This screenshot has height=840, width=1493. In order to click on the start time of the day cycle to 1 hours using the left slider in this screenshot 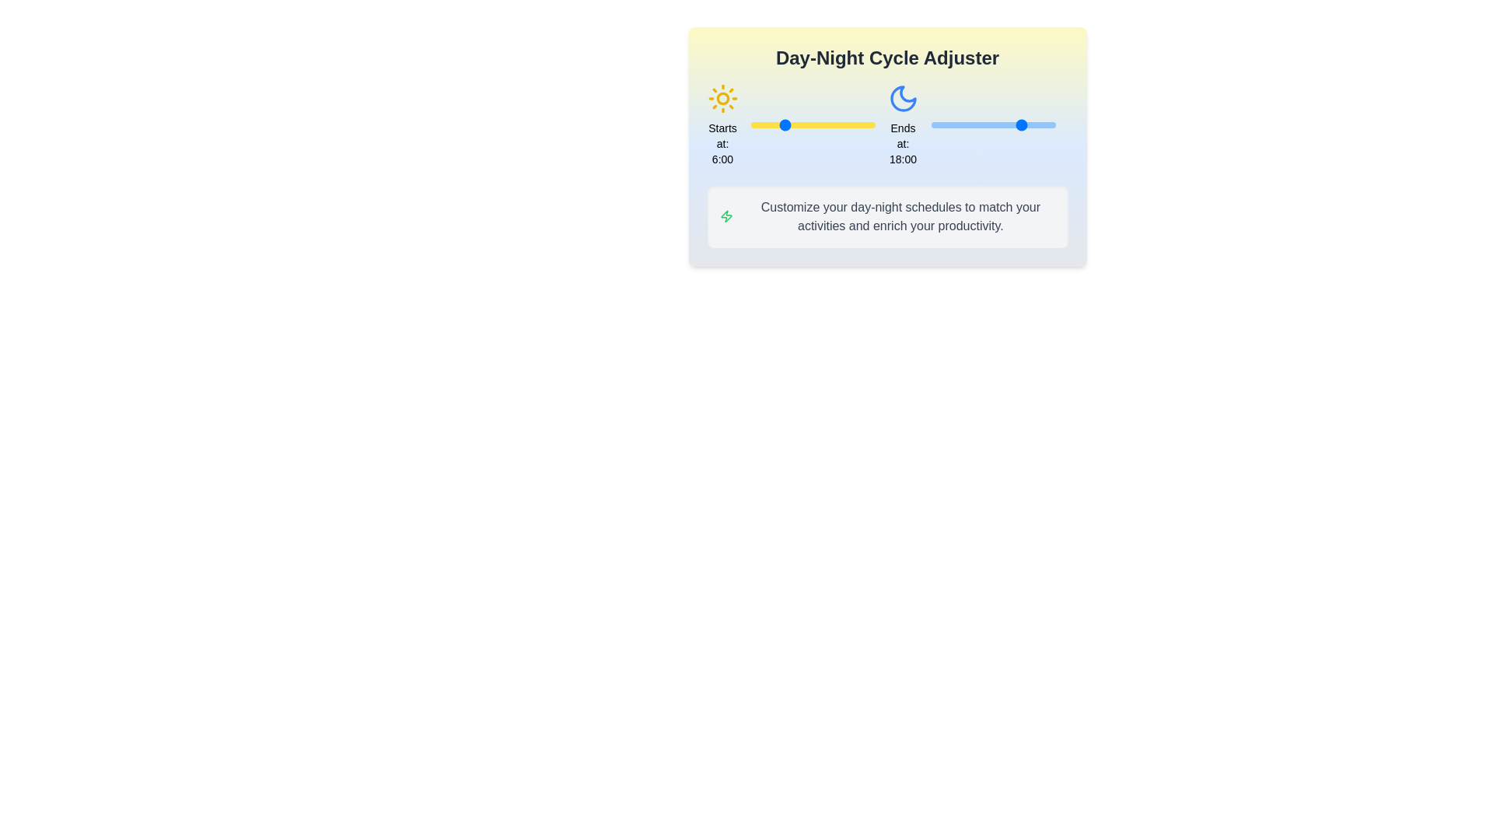, I will do `click(756, 124)`.